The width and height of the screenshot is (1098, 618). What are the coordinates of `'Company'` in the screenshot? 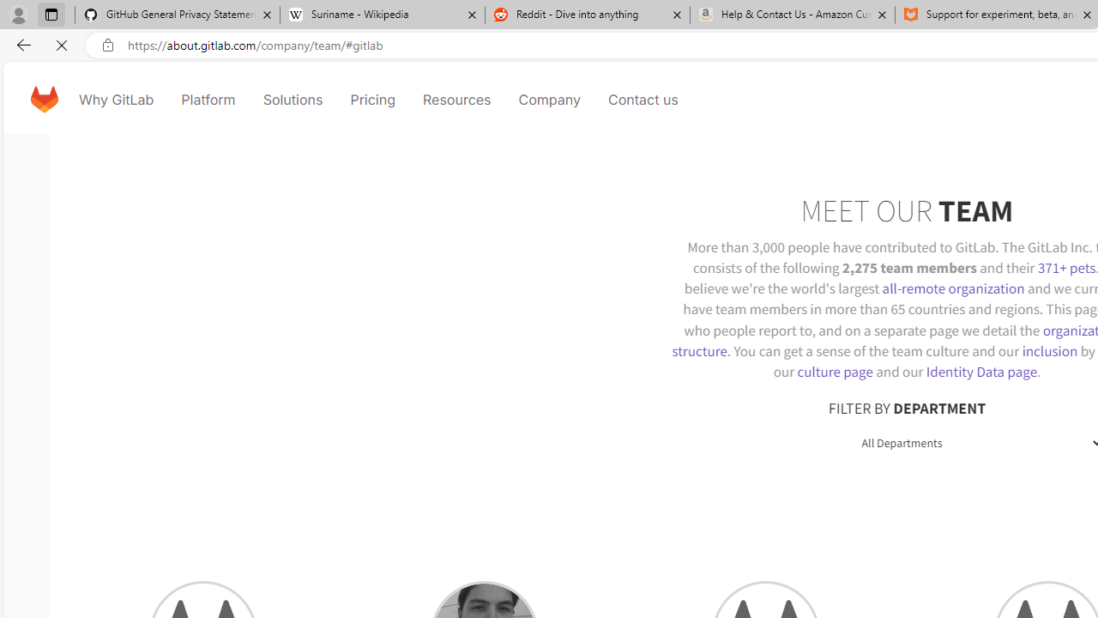 It's located at (549, 99).